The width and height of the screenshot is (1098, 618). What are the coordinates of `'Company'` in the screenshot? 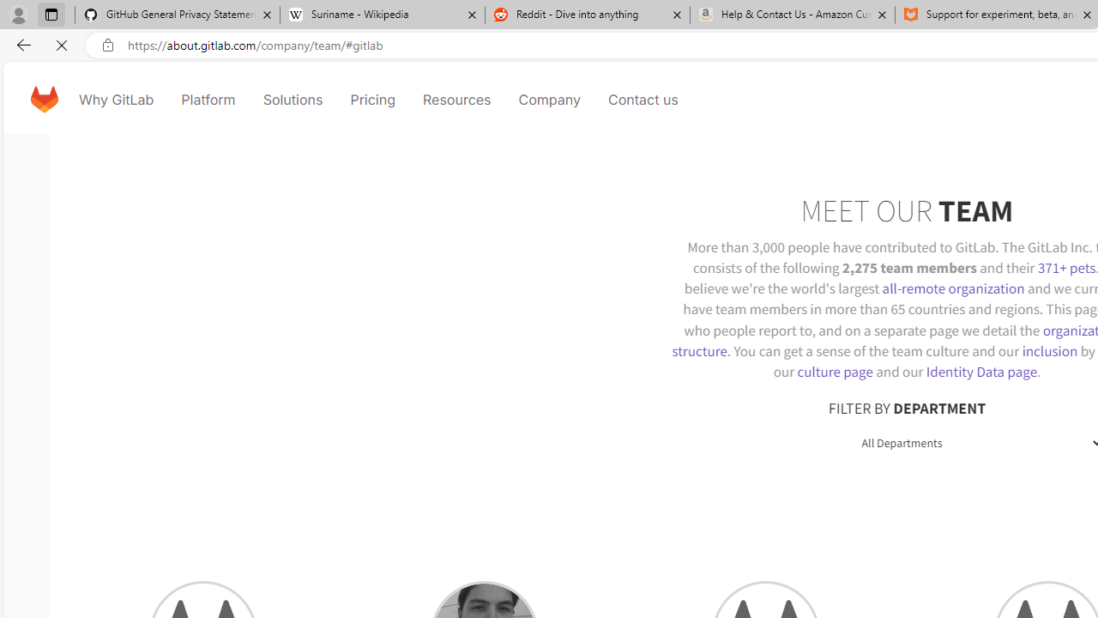 It's located at (549, 99).